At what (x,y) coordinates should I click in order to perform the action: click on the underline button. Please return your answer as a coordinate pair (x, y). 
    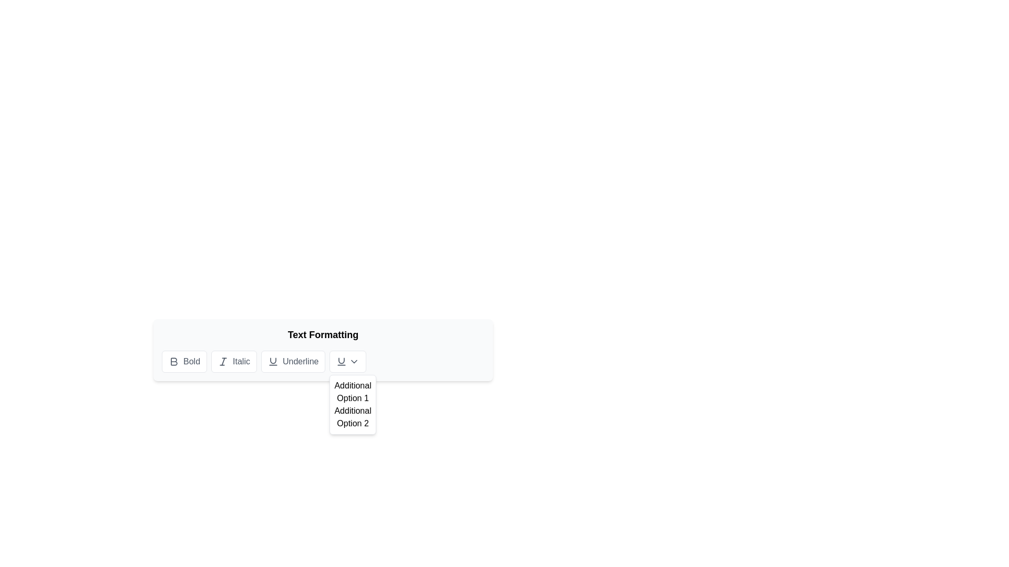
    Looking at the image, I should click on (293, 361).